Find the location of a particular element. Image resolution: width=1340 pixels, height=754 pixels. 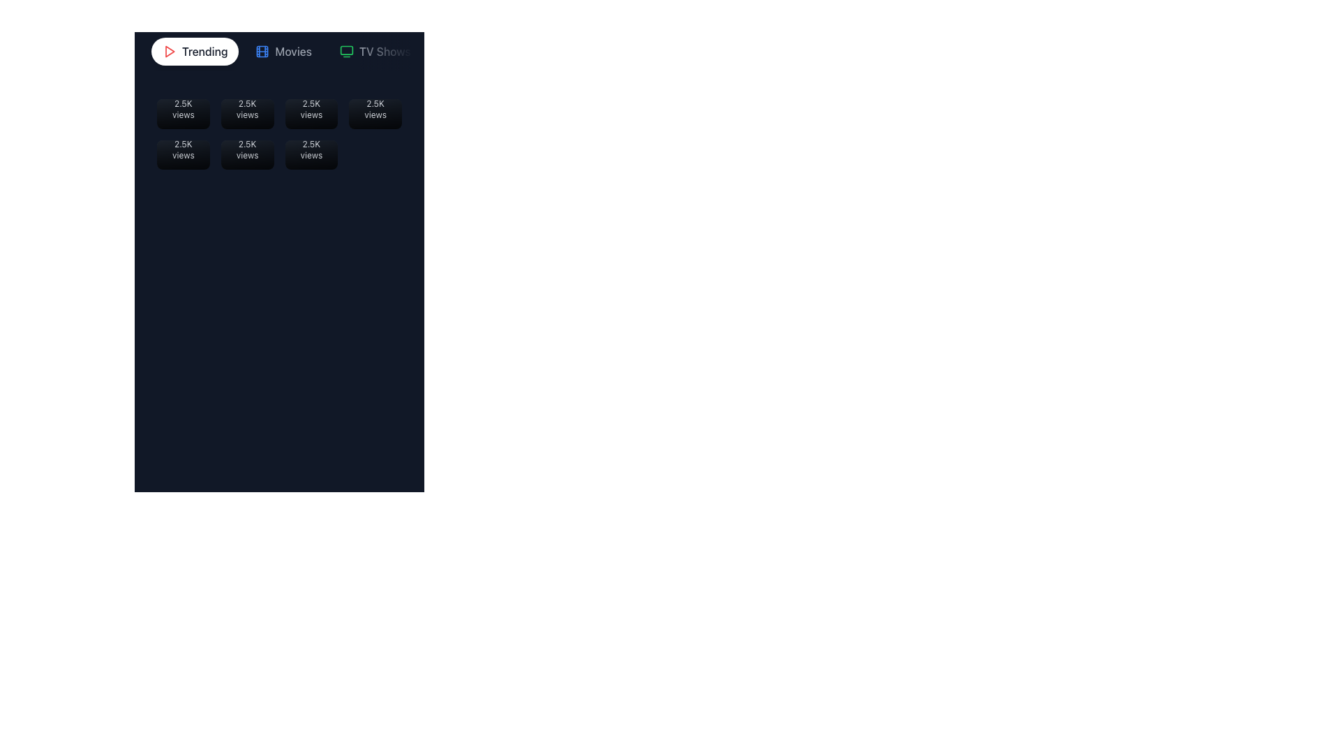

the informational Text label displaying the number of views for the associated content, positioned below 'Content Title 1' is located at coordinates (182, 108).